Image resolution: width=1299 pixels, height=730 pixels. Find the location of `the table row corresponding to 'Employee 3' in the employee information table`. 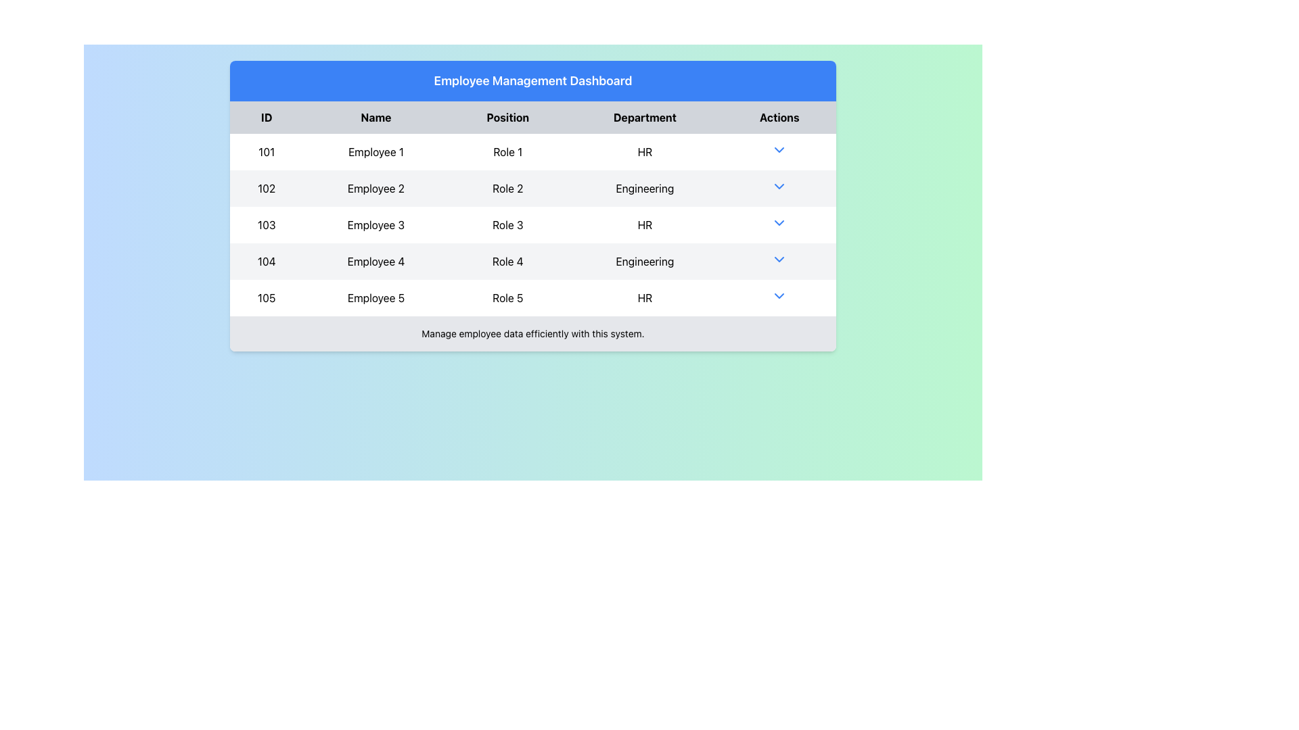

the table row corresponding to 'Employee 3' in the employee information table is located at coordinates (532, 224).